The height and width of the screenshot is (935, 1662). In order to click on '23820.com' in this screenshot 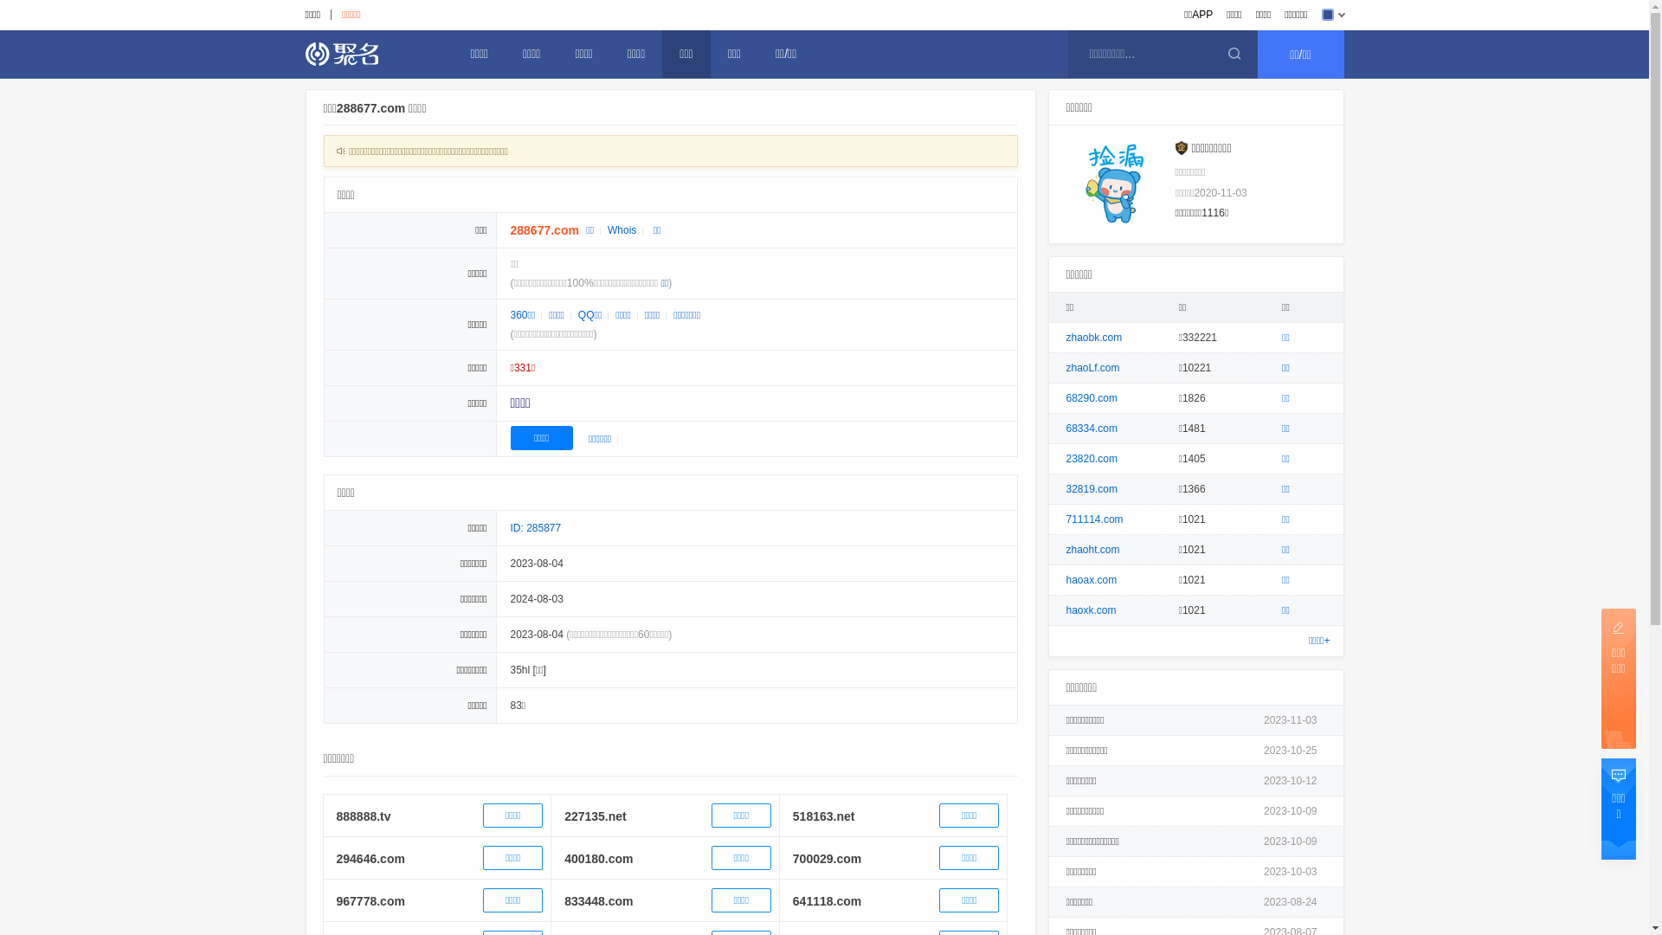, I will do `click(1091, 457)`.